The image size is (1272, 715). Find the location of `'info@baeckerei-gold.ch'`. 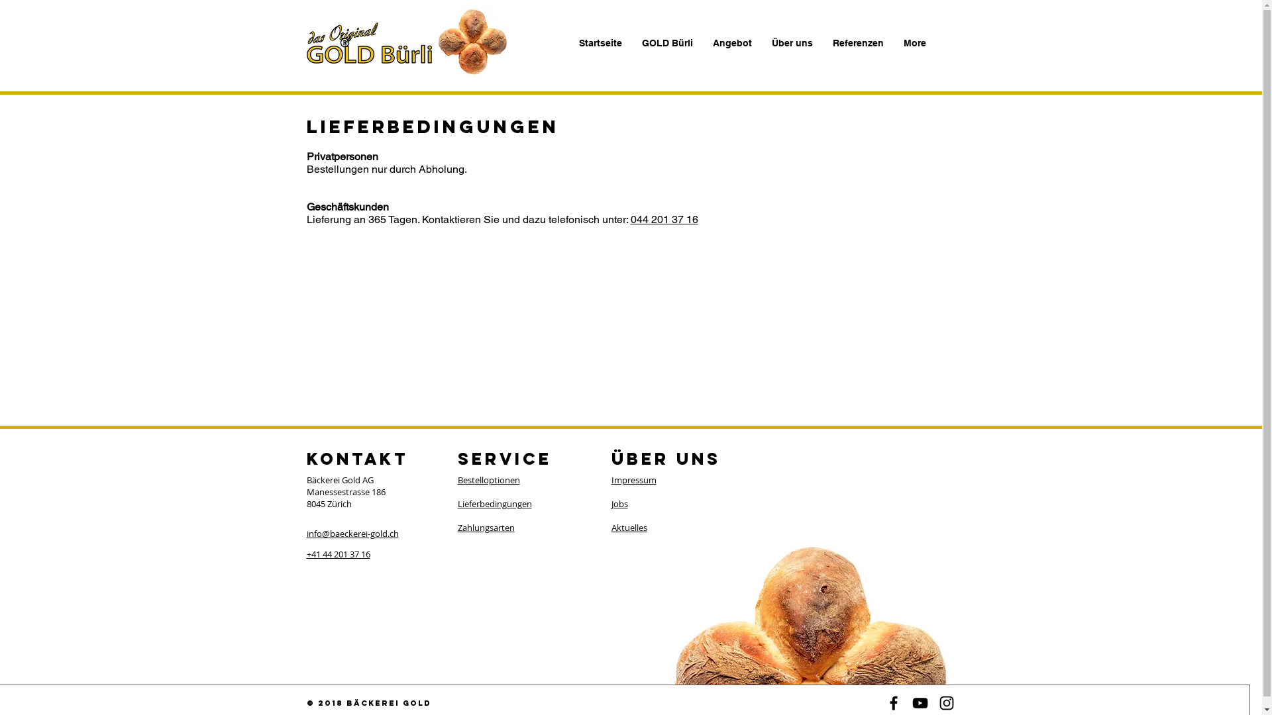

'info@baeckerei-gold.ch' is located at coordinates (352, 533).